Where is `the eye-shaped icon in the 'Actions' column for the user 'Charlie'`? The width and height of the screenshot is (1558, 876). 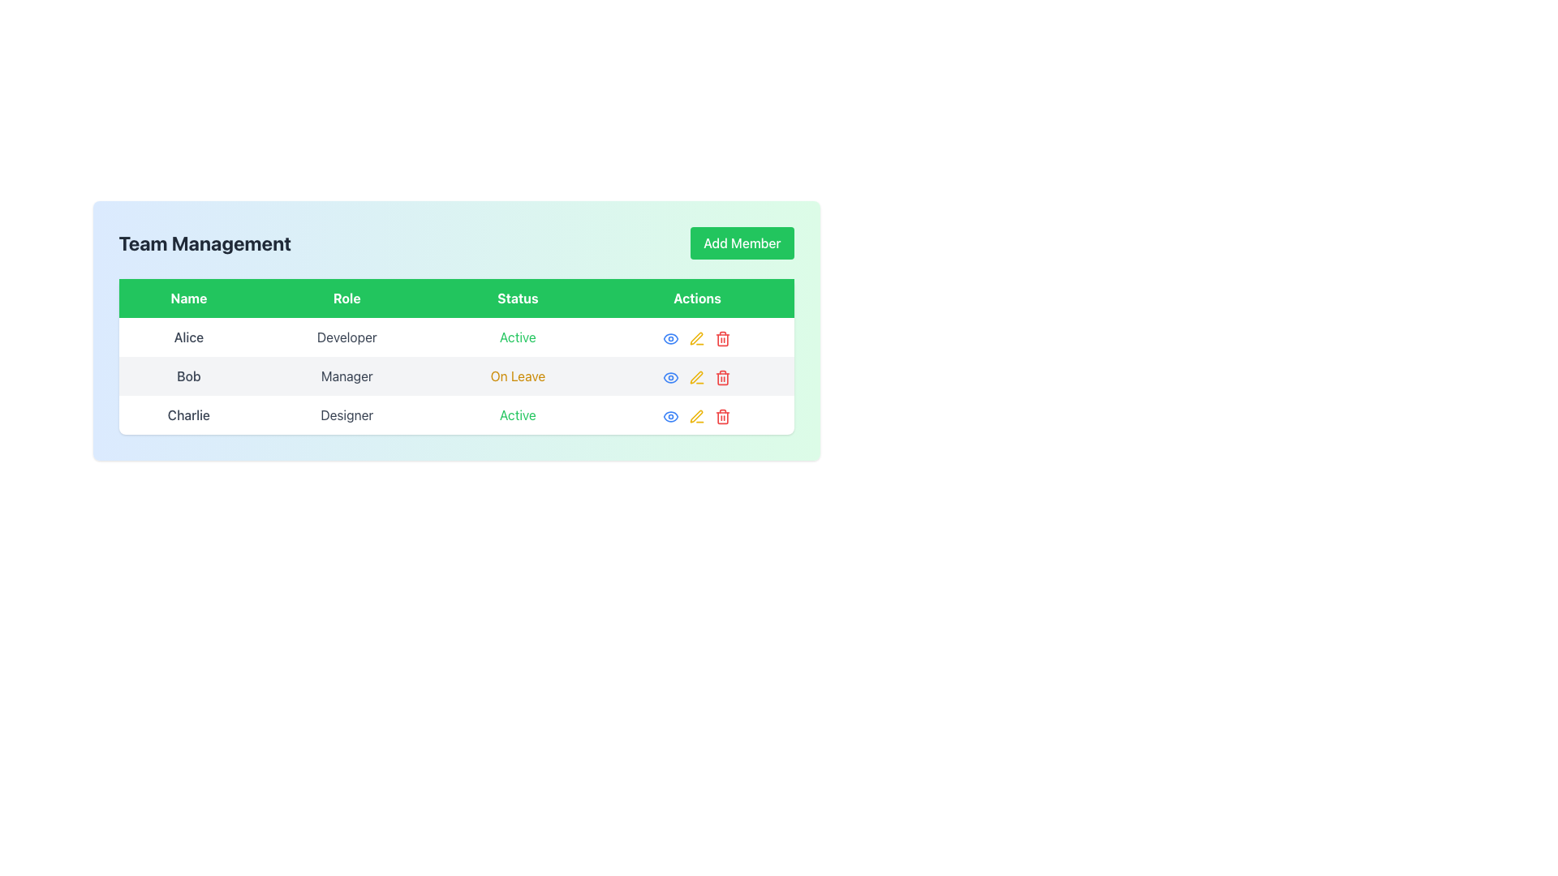 the eye-shaped icon in the 'Actions' column for the user 'Charlie' is located at coordinates (671, 377).